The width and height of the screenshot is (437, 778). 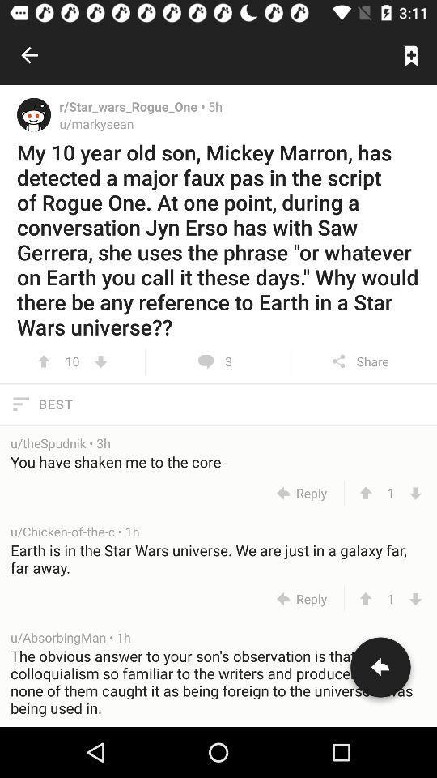 What do you see at coordinates (133, 105) in the screenshot?
I see `the item next to the 5h item` at bounding box center [133, 105].